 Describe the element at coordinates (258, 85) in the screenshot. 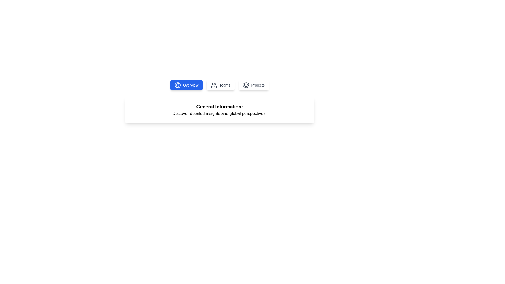

I see `text label that says 'Projects', which is part of the third button in the horizontal menu group located to the right of the 'Teams' button` at that location.